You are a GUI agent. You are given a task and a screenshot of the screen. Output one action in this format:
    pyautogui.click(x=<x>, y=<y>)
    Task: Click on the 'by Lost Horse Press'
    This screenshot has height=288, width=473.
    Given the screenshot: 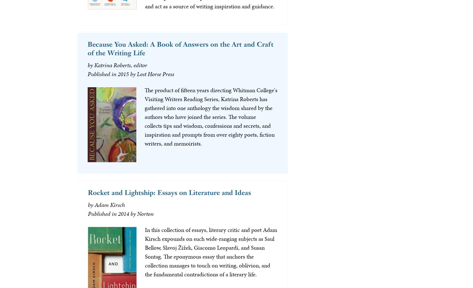 What is the action you would take?
    pyautogui.click(x=152, y=73)
    